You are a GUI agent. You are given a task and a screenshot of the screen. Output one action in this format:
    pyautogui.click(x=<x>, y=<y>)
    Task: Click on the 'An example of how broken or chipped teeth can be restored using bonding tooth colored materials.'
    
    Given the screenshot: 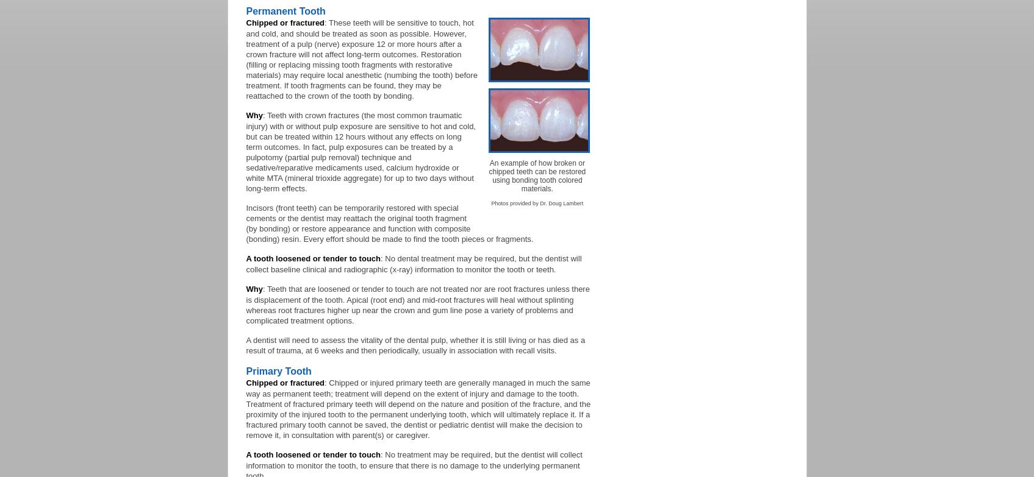 What is the action you would take?
    pyautogui.click(x=489, y=176)
    